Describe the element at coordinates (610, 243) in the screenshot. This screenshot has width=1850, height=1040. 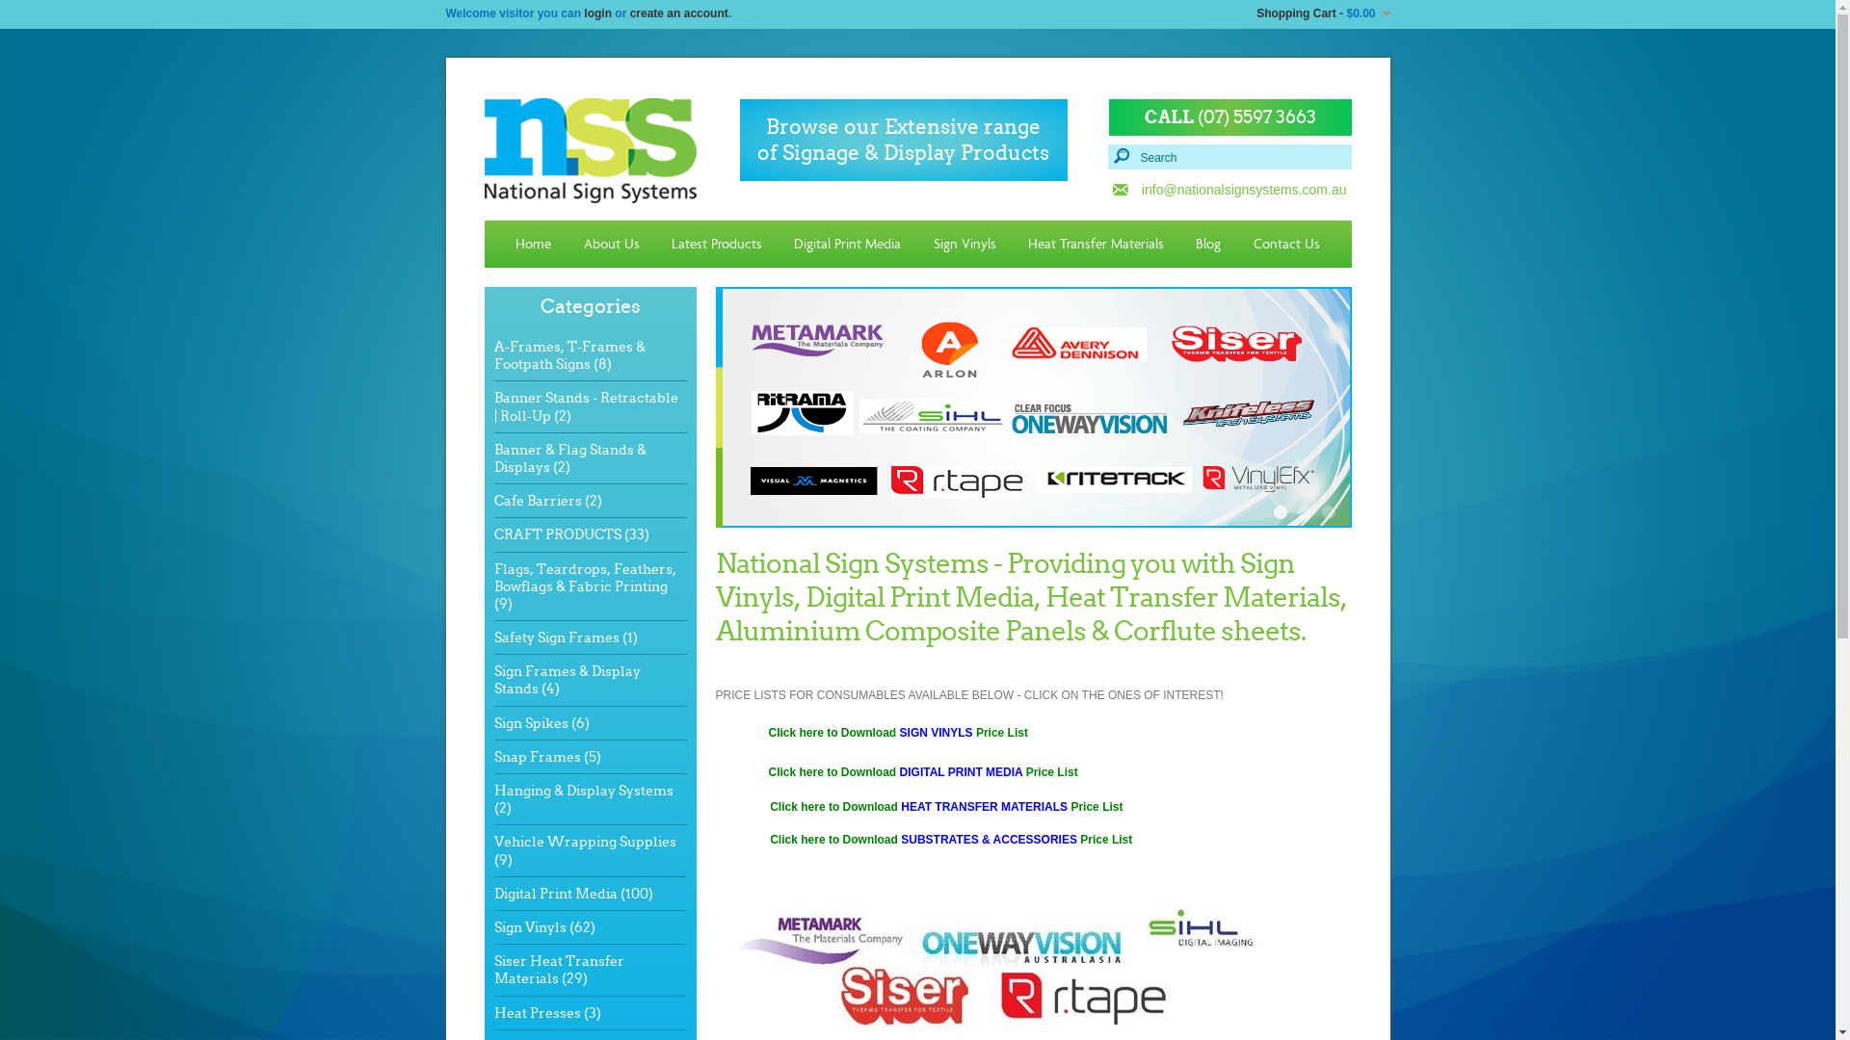
I see `'About Us'` at that location.